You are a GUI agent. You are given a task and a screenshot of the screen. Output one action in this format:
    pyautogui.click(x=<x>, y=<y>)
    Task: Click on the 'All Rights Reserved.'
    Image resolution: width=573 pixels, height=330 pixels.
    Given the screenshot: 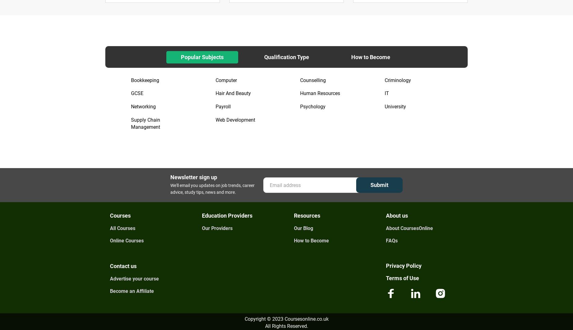 What is the action you would take?
    pyautogui.click(x=265, y=326)
    